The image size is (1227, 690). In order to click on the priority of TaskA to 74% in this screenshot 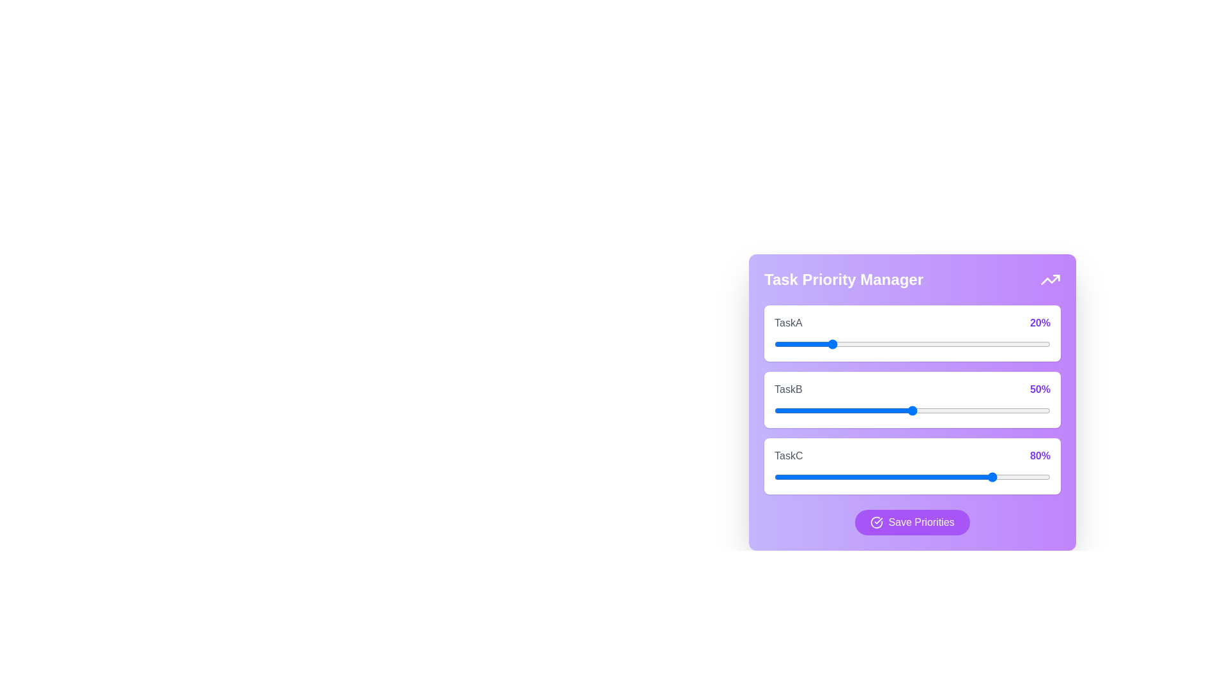, I will do `click(978, 344)`.